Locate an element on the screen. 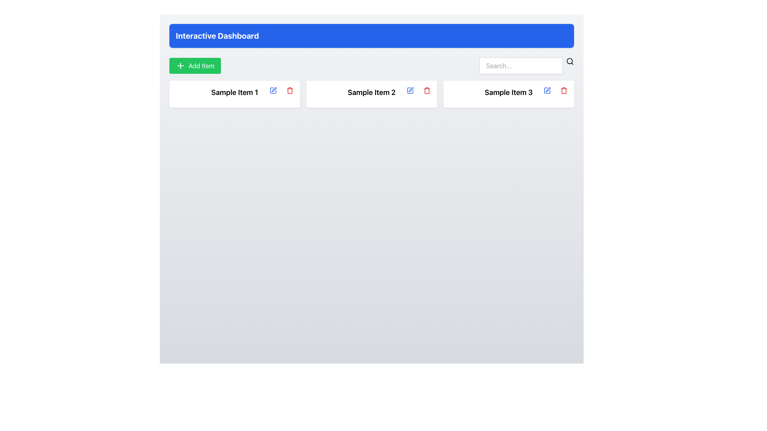 The image size is (767, 431). the 'Interactive Dashboard' text label located in the top blue header bar to check for additional interactivity is located at coordinates (217, 35).